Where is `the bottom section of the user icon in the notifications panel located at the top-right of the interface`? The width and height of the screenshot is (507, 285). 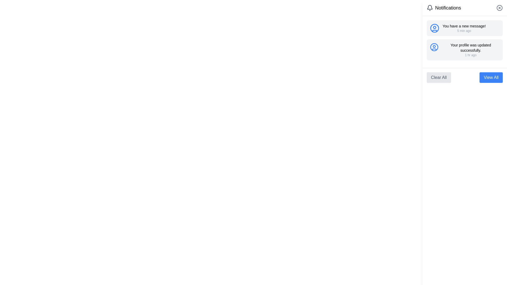
the bottom section of the user icon in the notifications panel located at the top-right of the interface is located at coordinates (435, 31).